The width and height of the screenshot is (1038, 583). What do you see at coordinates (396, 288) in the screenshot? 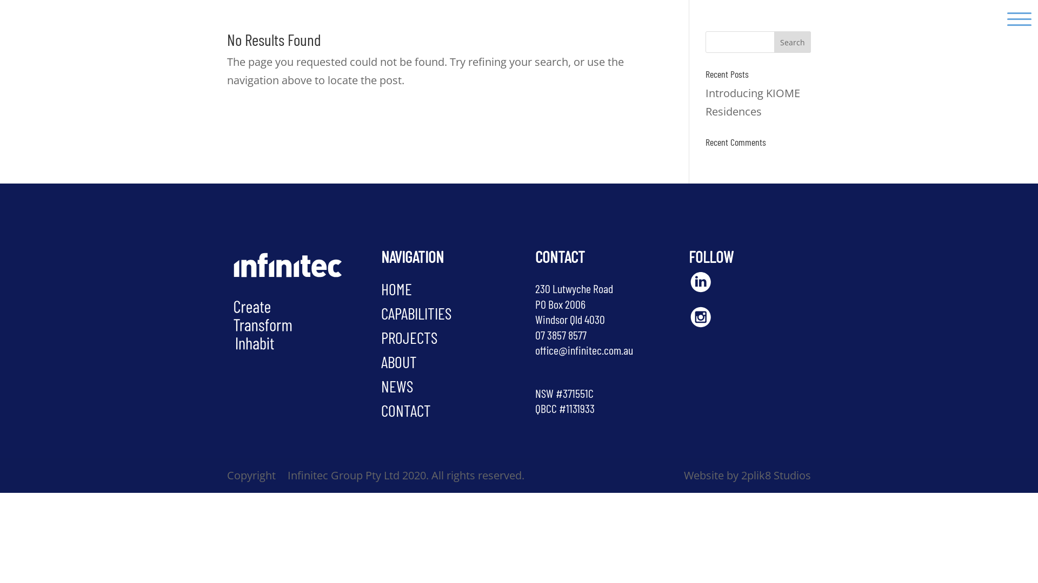
I see `'HOME'` at bounding box center [396, 288].